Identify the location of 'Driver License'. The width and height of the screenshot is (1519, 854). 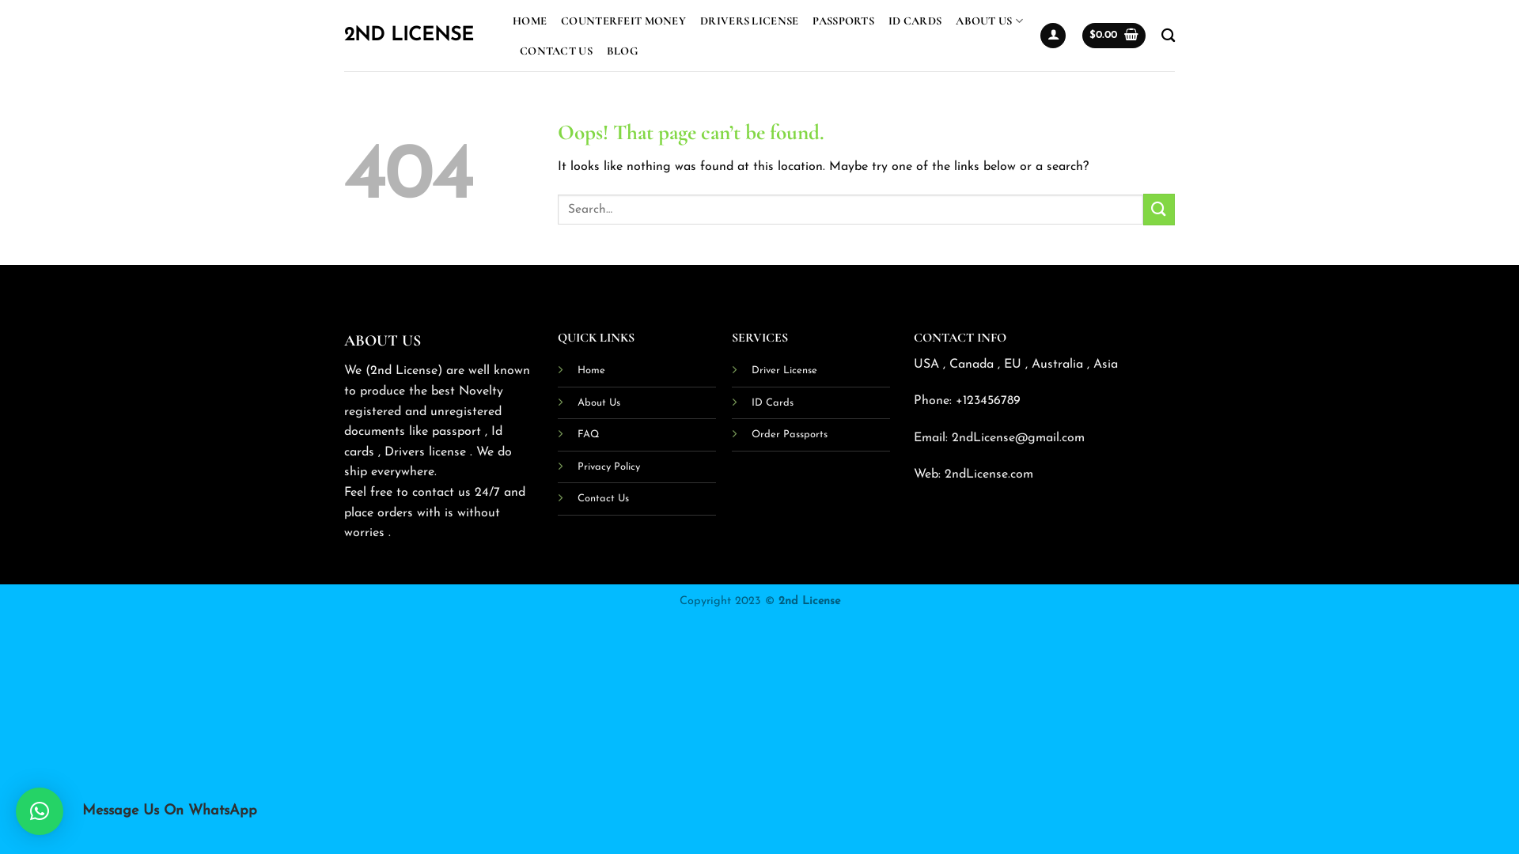
(784, 369).